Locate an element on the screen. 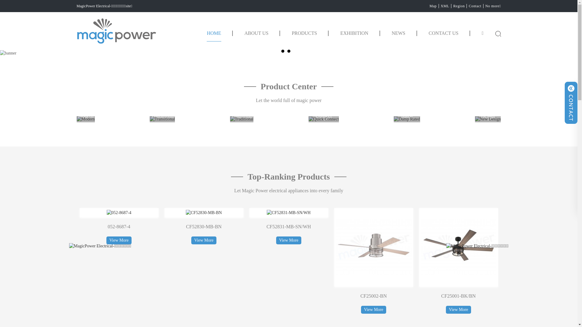 This screenshot has width=582, height=327. 'Traditional' is located at coordinates (241, 119).